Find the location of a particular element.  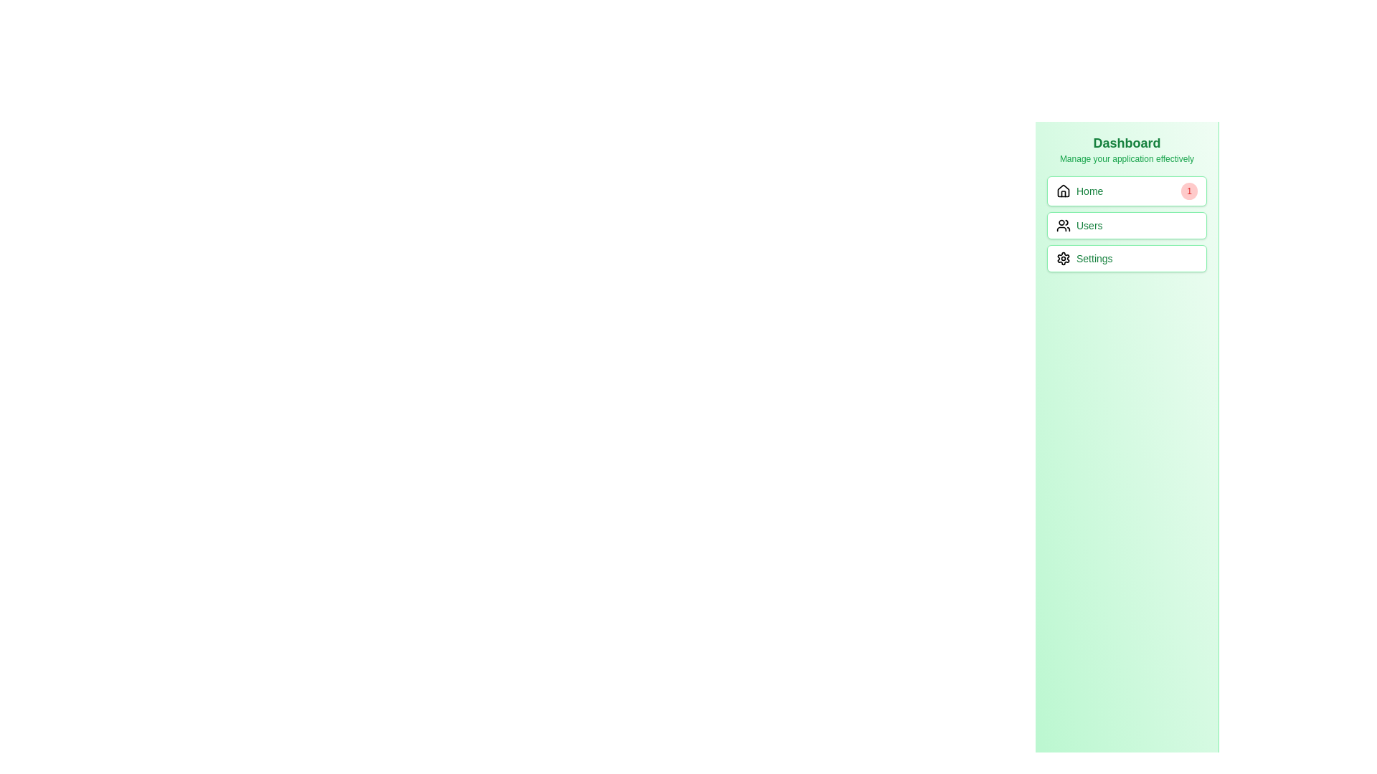

the 'Dashboard' header in the sidebar, which is styled in bold and larger green font, serving as a descriptive header for the section is located at coordinates (1126, 149).